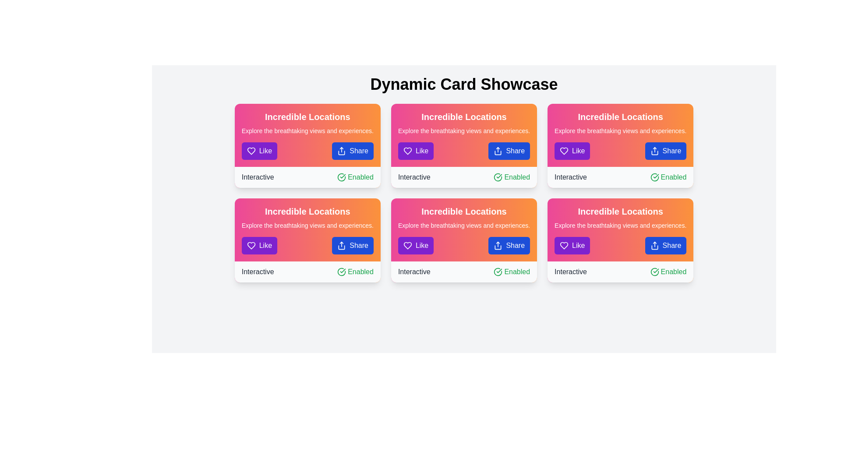 The height and width of the screenshot is (473, 841). Describe the element at coordinates (257, 272) in the screenshot. I see `the 'Interactive' text label located in the bottom section of the leftmost card in a 3x2 grid layout` at that location.